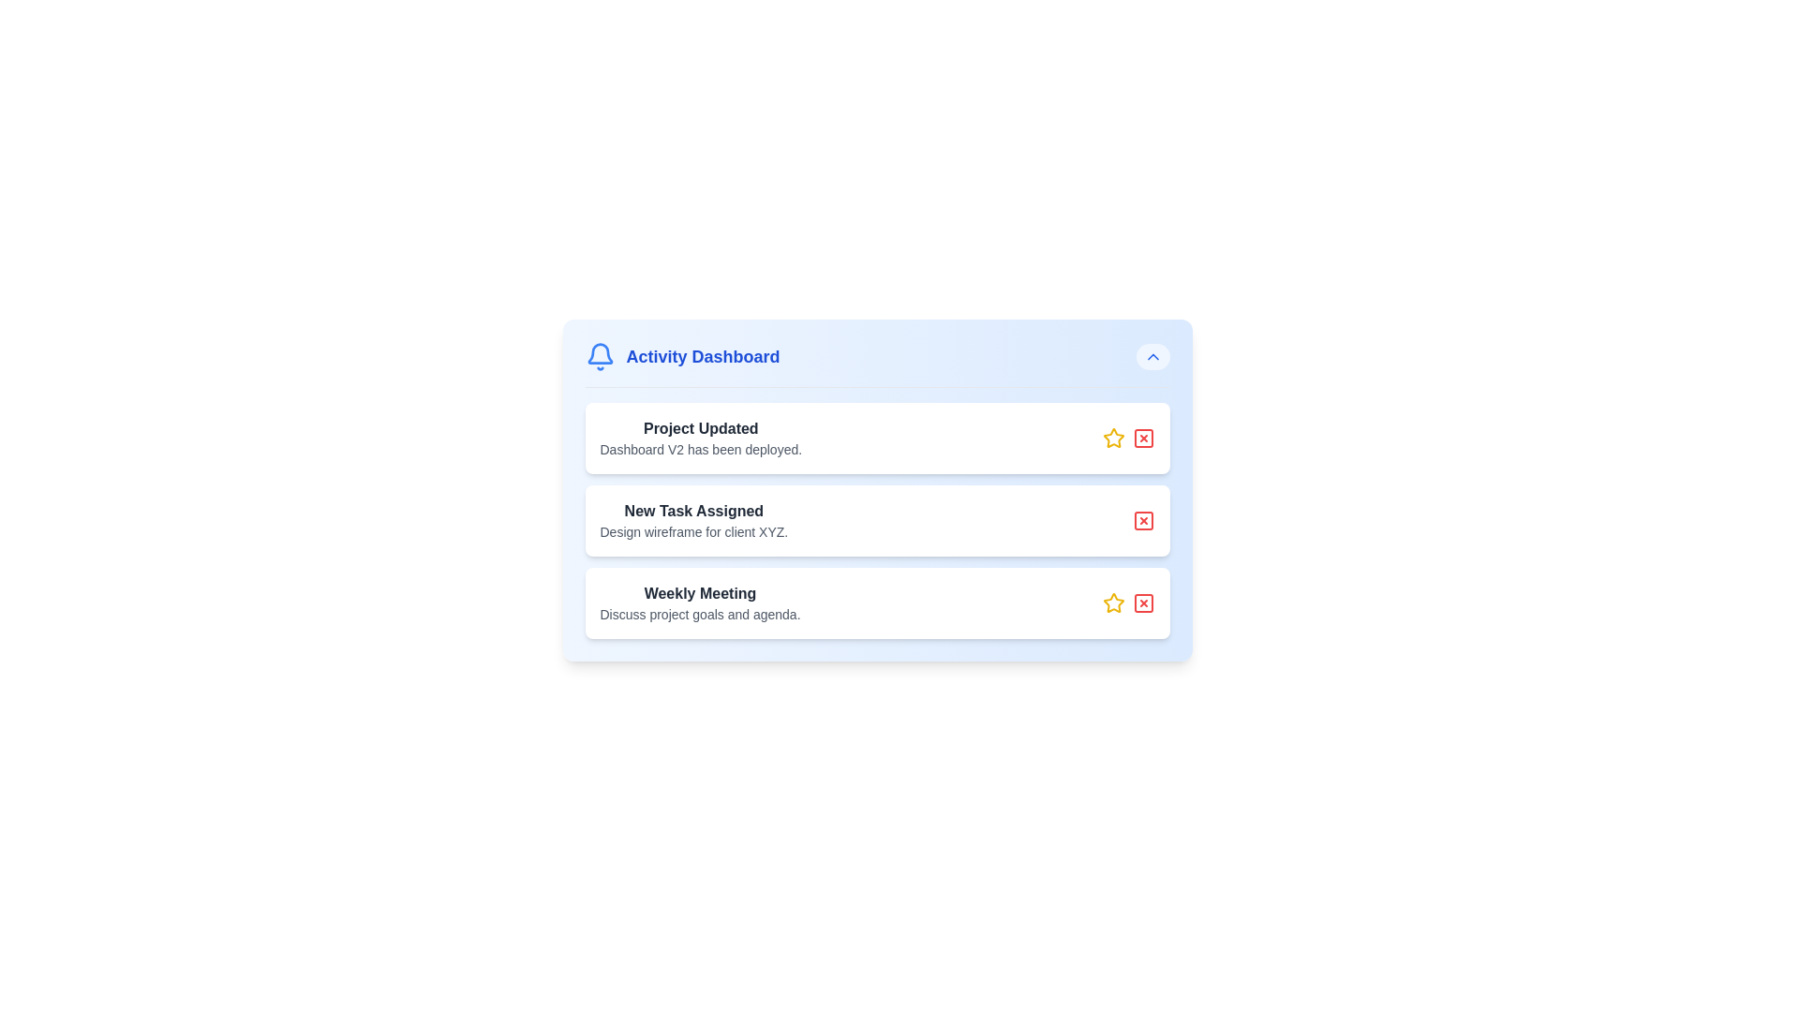 The height and width of the screenshot is (1012, 1799). I want to click on the static text label at the top of the third card in the 'Activity Dashboard' that describes the content of the card, so click(699, 593).